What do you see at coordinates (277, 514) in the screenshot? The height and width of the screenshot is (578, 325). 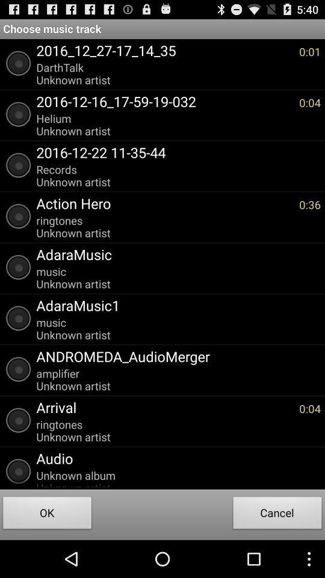 I see `cancel` at bounding box center [277, 514].